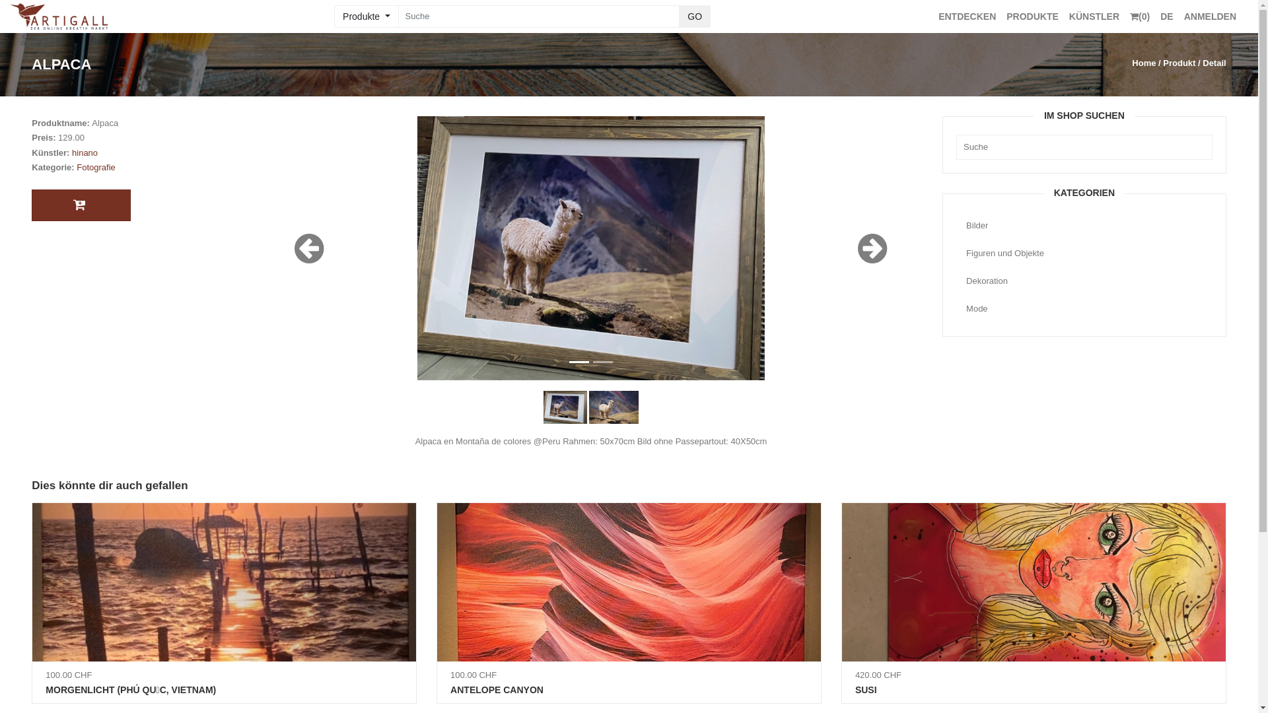  What do you see at coordinates (1084, 254) in the screenshot?
I see `'Figuren und Objekte'` at bounding box center [1084, 254].